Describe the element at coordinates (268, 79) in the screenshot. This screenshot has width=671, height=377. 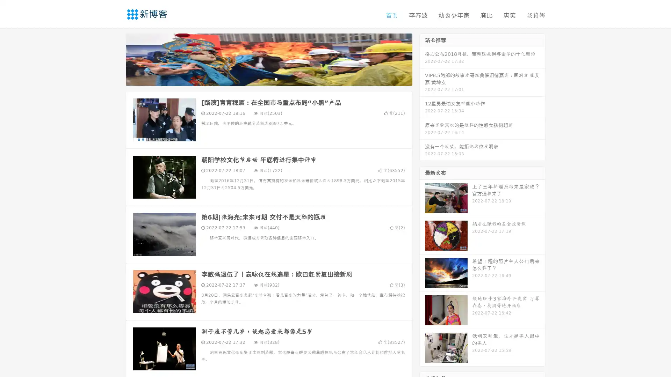
I see `Go to slide 2` at that location.